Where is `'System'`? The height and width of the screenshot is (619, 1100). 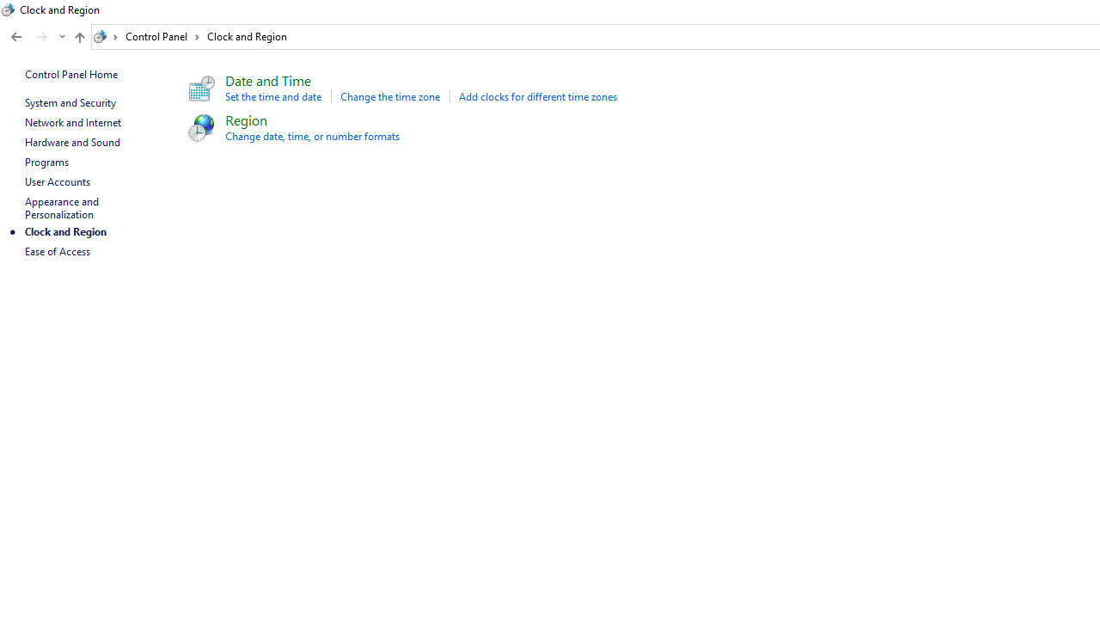
'System' is located at coordinates (9, 9).